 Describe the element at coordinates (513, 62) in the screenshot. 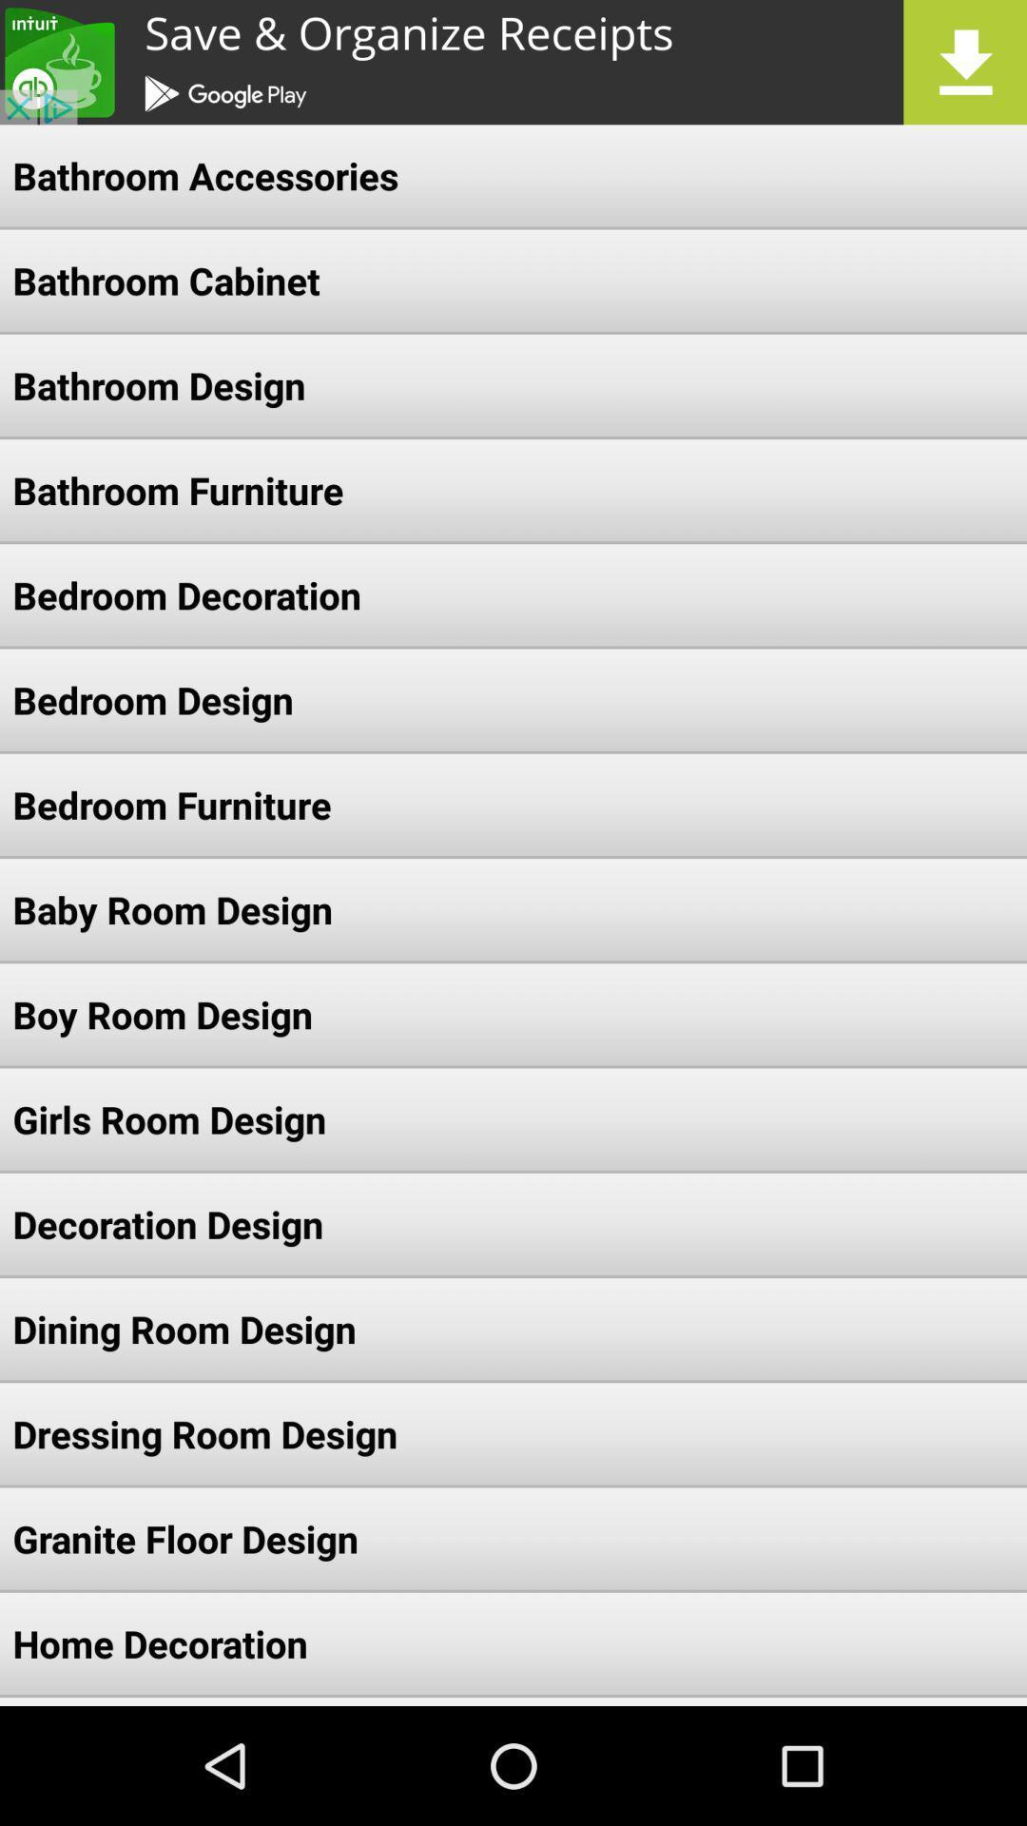

I see `download` at that location.